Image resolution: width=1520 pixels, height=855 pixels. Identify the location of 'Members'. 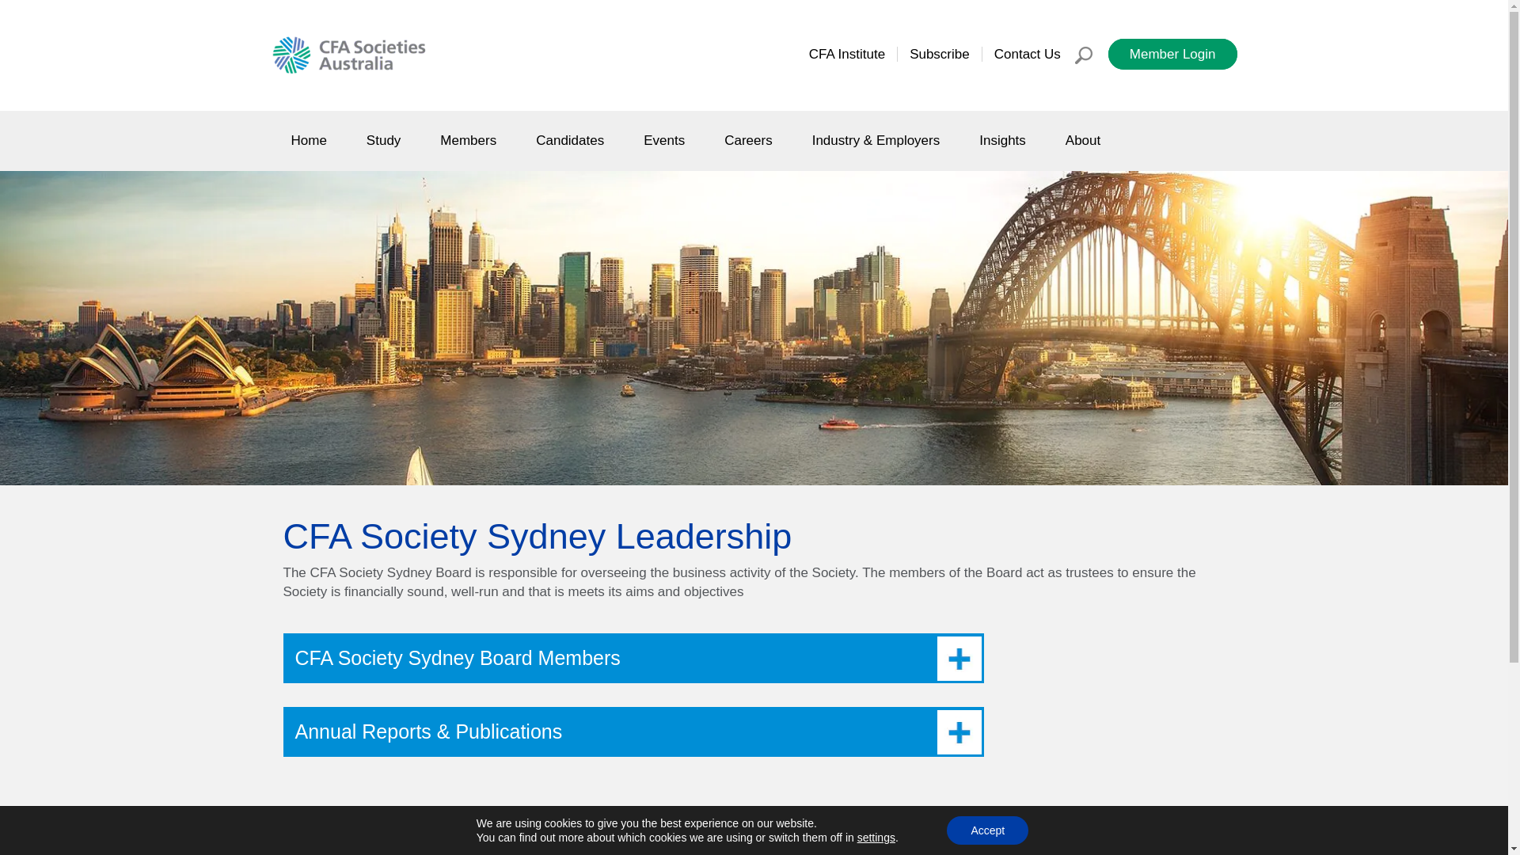
(467, 139).